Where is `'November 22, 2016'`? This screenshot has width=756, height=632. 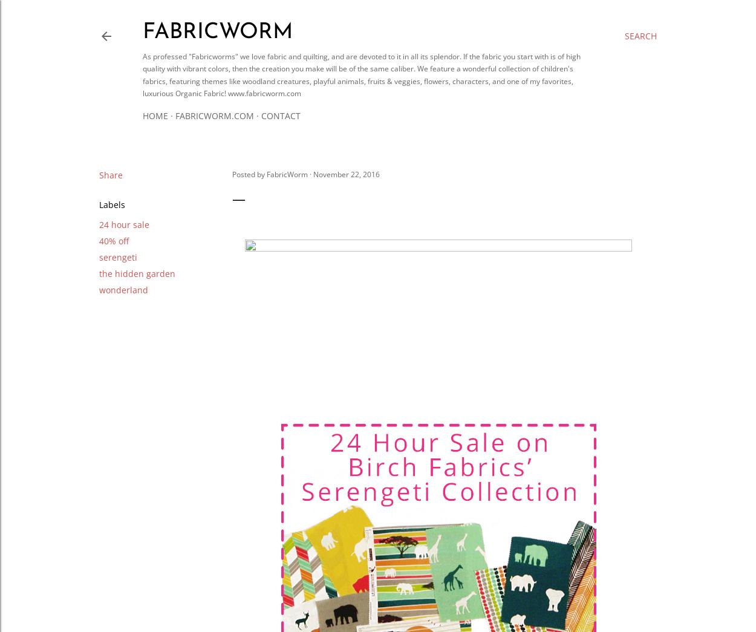
'November 22, 2016' is located at coordinates (346, 173).